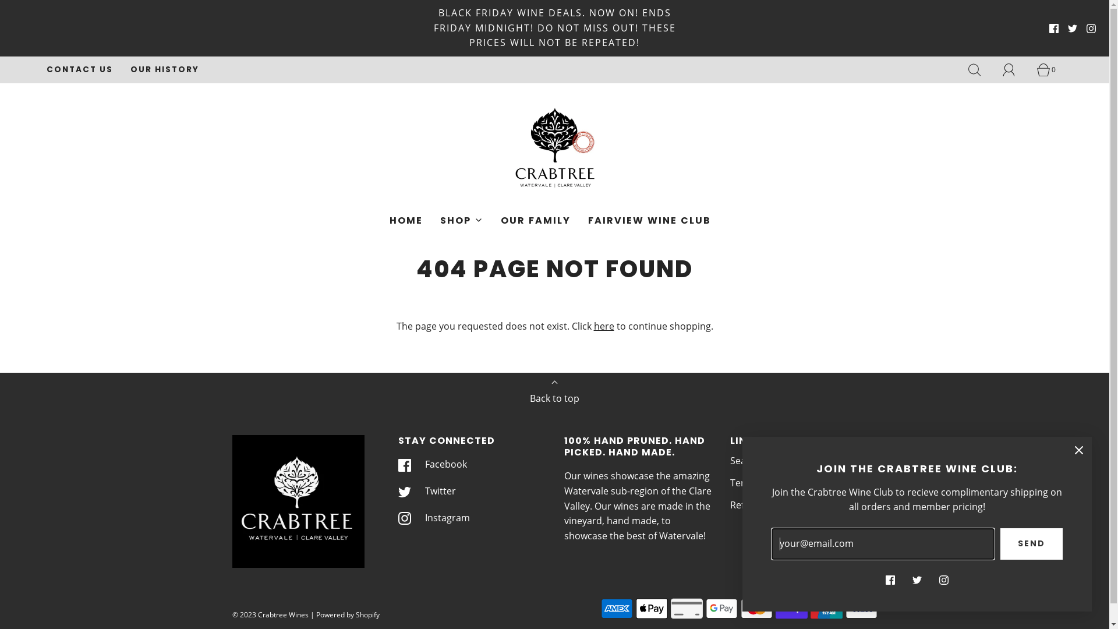 This screenshot has width=1118, height=629. Describe the element at coordinates (346, 614) in the screenshot. I see `'Powered by Shopify'` at that location.